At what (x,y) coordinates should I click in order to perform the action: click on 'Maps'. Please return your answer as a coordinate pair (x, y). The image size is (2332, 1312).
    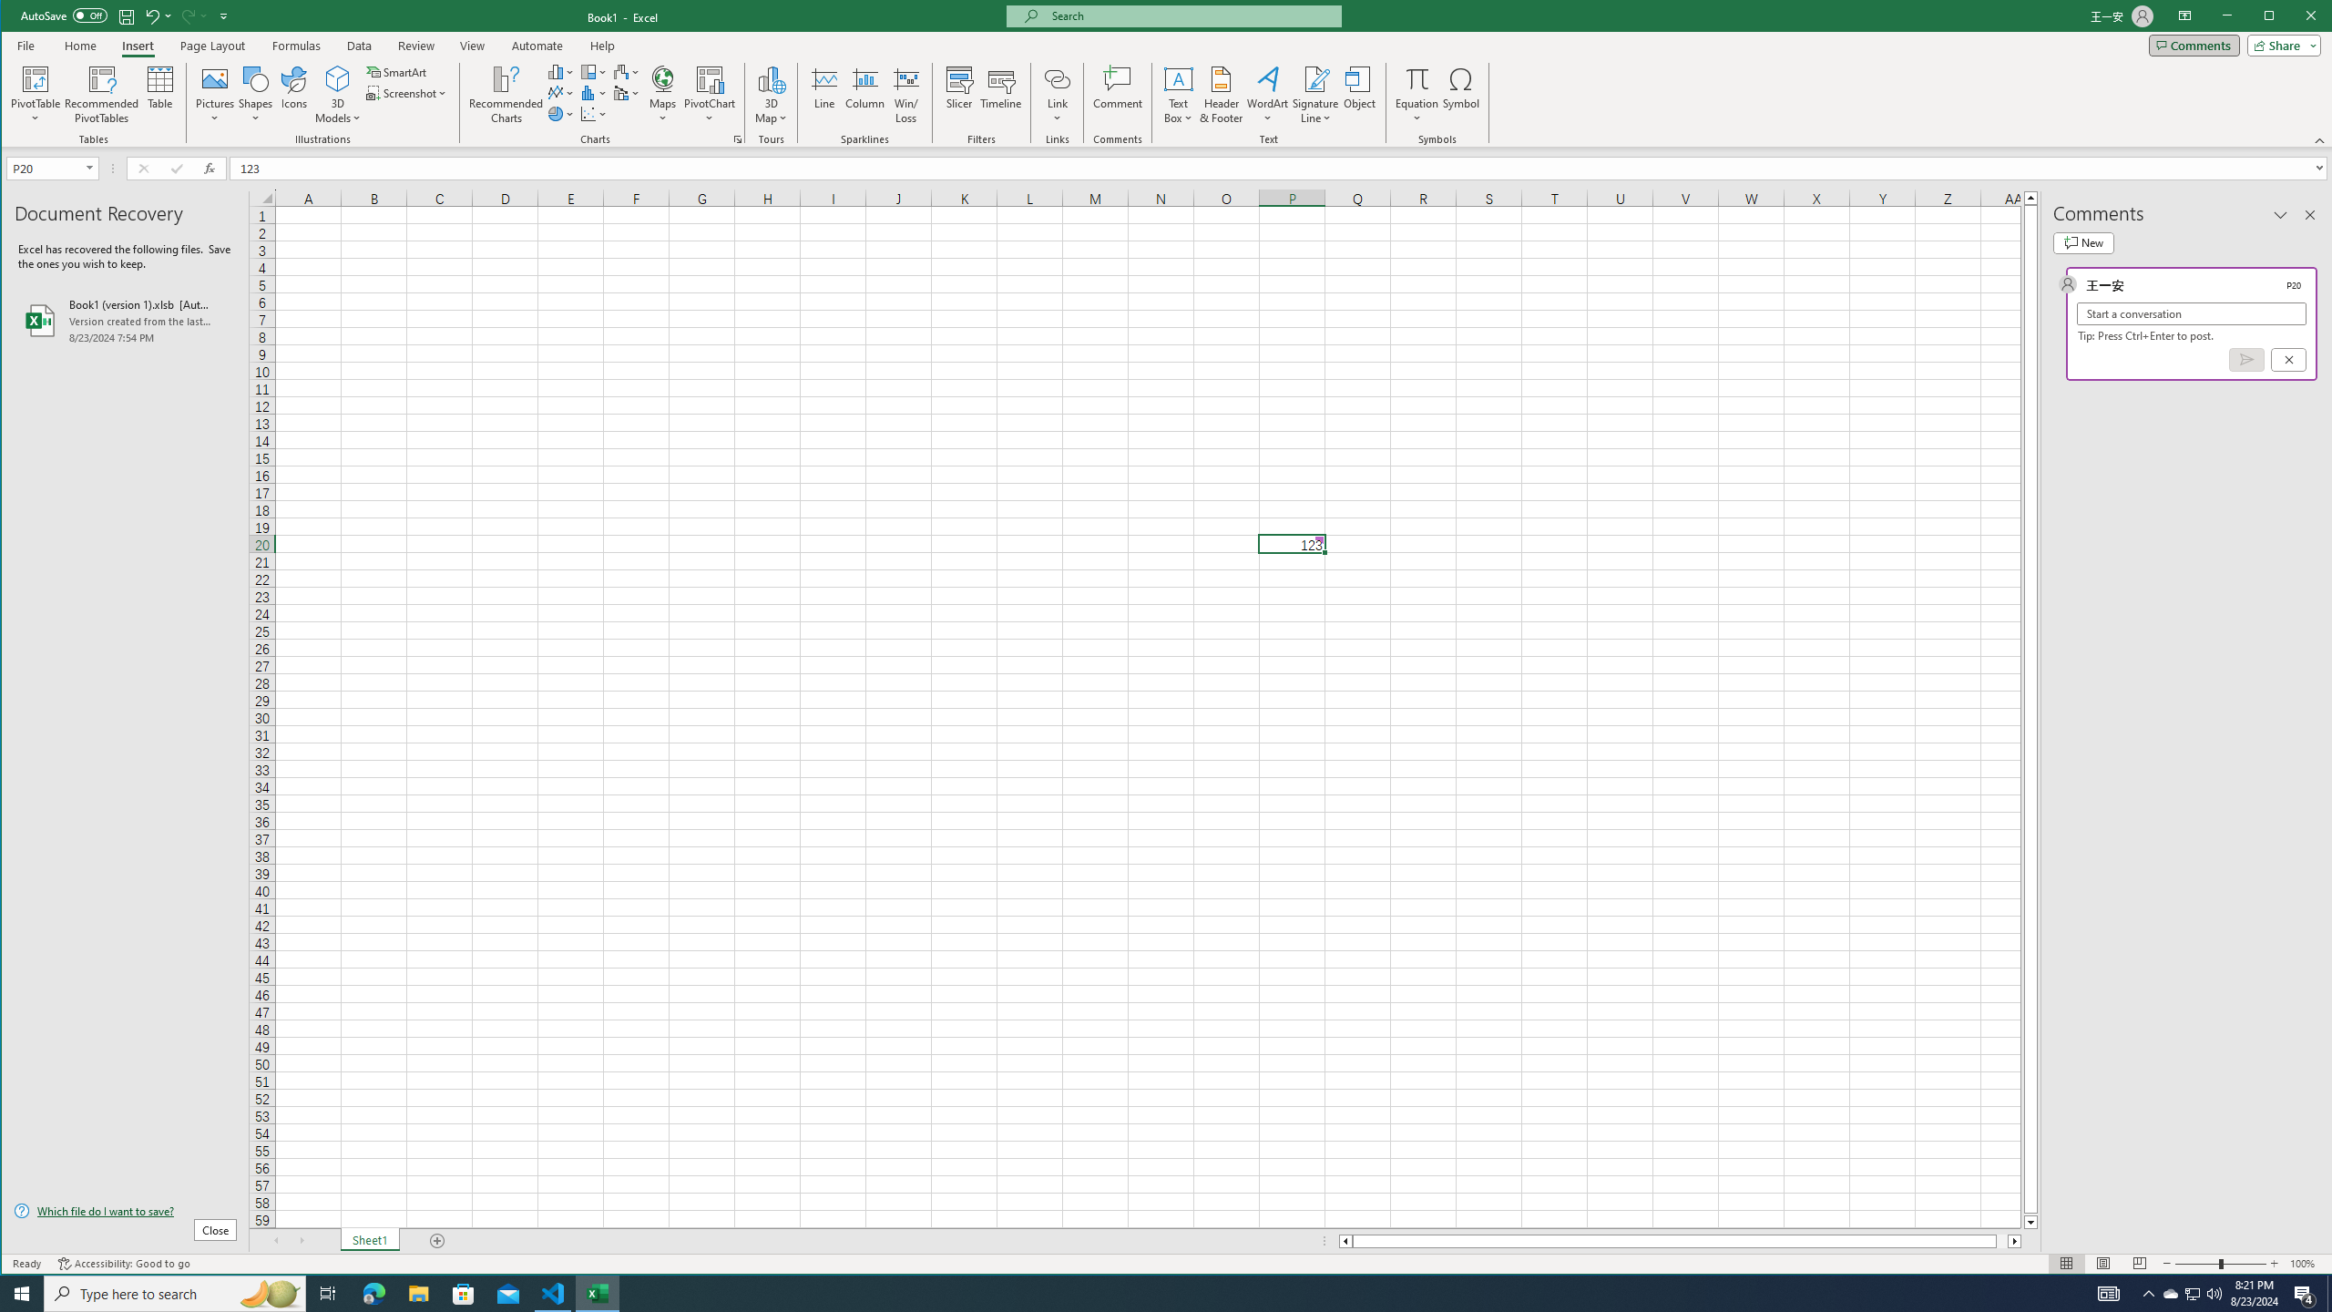
    Looking at the image, I should click on (662, 94).